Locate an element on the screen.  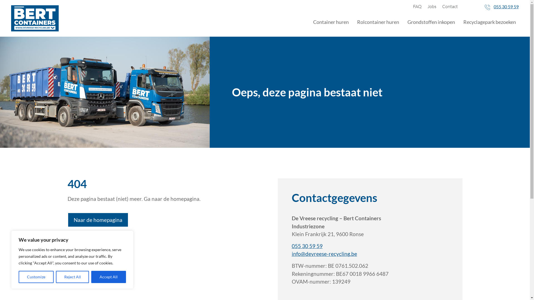
'Rolcontainer huren' is located at coordinates (378, 21).